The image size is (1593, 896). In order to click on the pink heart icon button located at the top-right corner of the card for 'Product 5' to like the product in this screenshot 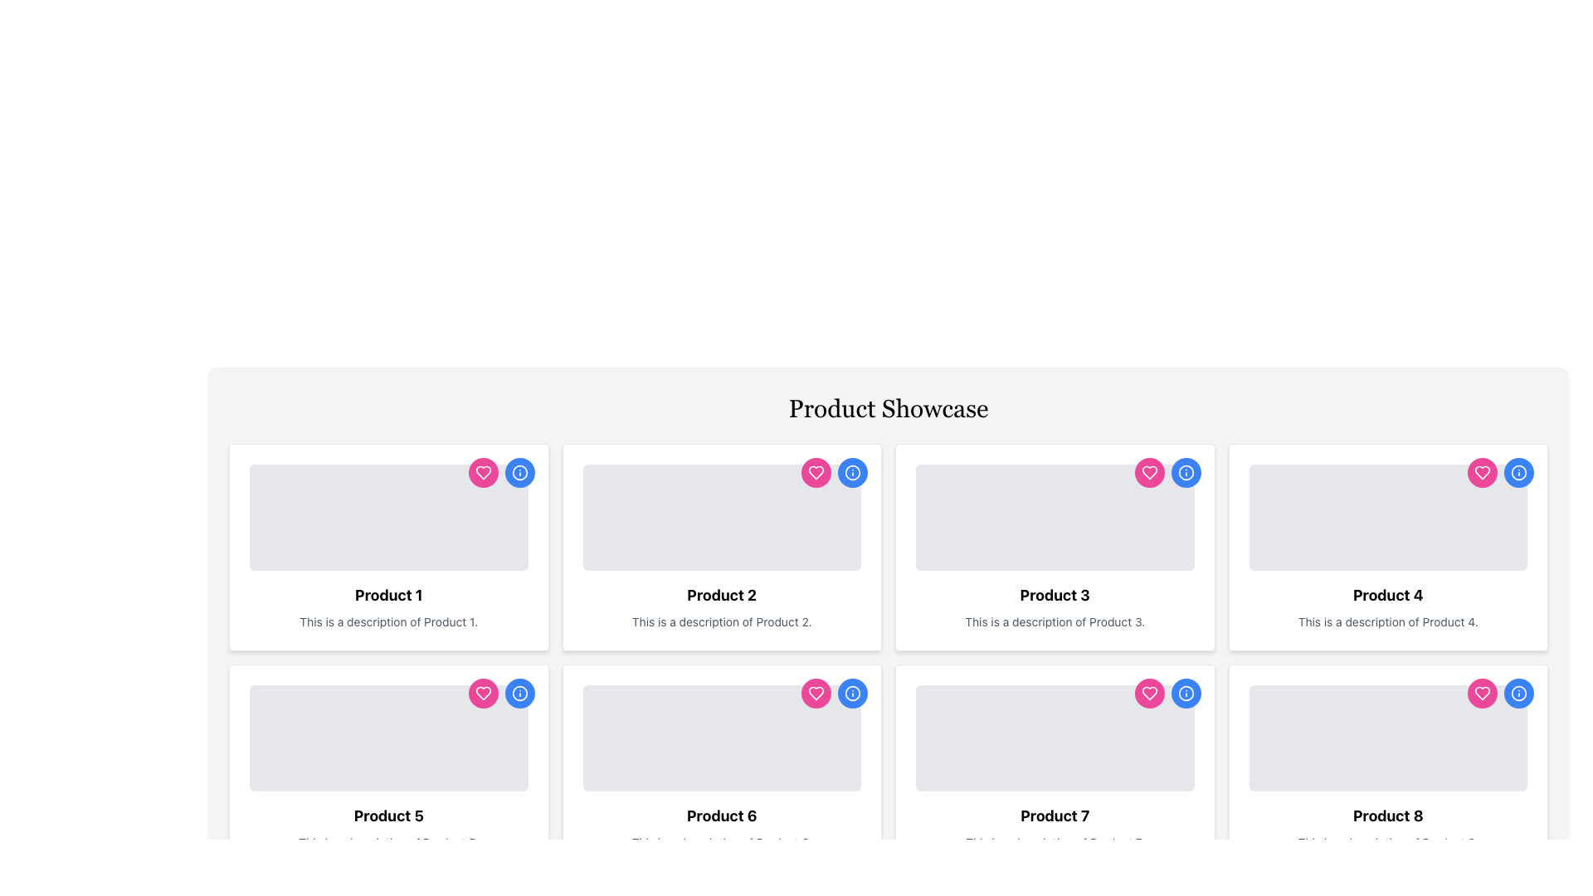, I will do `click(500, 694)`.